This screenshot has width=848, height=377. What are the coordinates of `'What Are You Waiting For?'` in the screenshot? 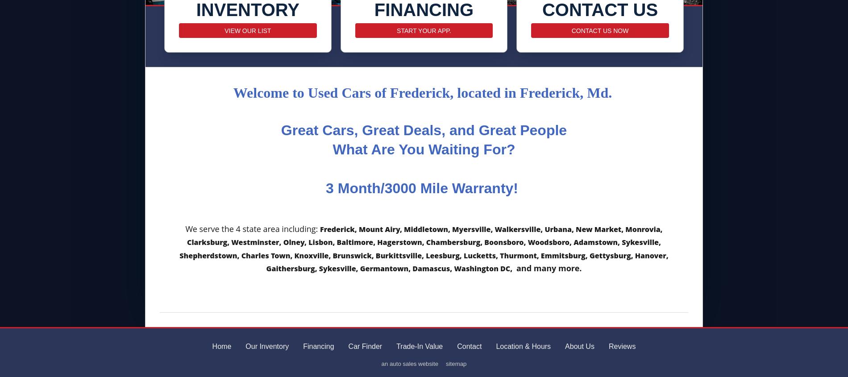 It's located at (423, 149).